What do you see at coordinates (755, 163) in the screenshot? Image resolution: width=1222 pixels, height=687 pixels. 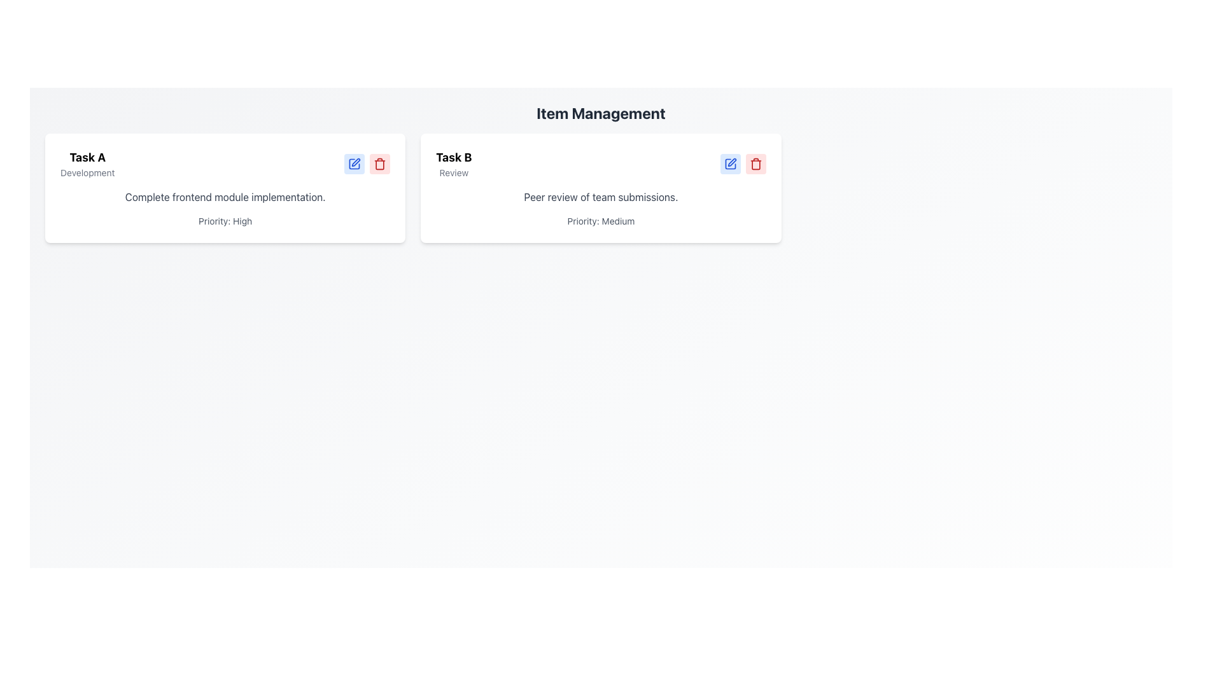 I see `the delete button located on the right side of the horizontal button group within the card labeled 'Task B', adjacent to the blue circular button with a pencil icon` at bounding box center [755, 163].